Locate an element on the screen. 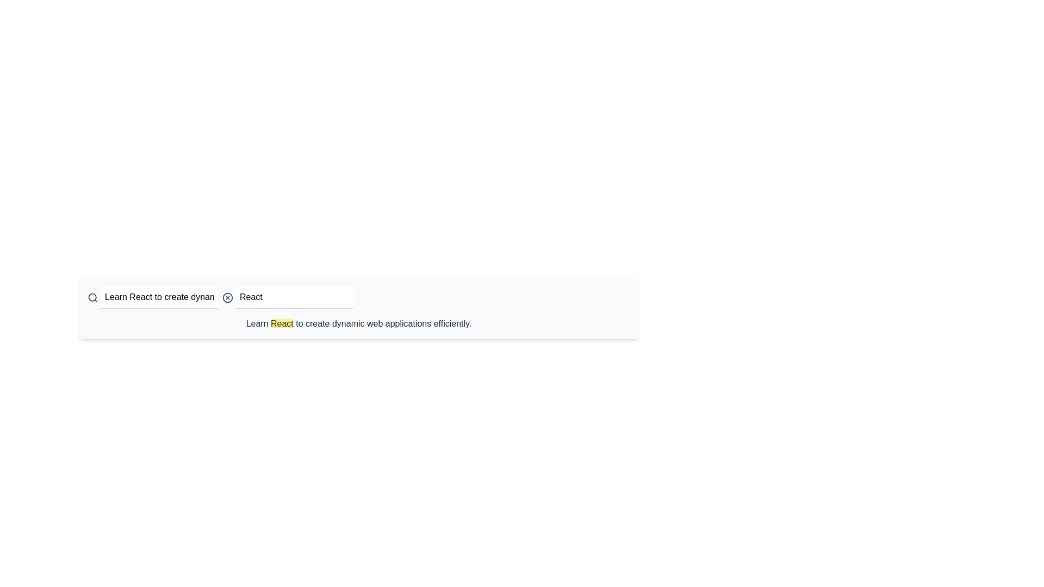 The height and width of the screenshot is (587, 1044). the text input field that contains the value 'Learn React to create dynamic web applications efficiently.' to select all text is located at coordinates (158, 297).